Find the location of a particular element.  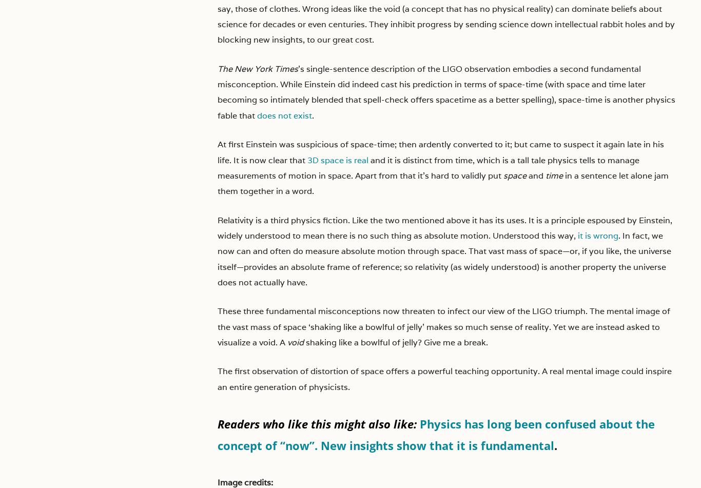

'and' is located at coordinates (526, 175).